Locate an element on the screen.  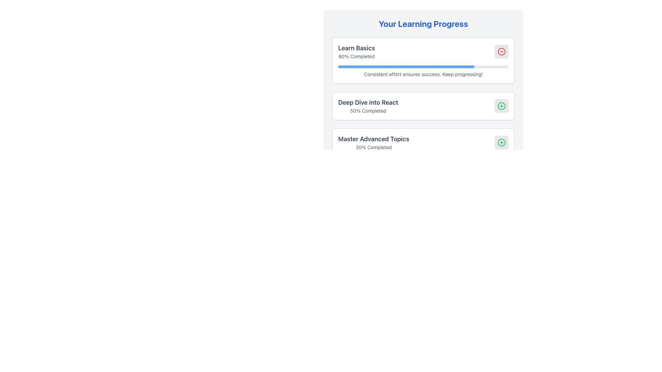
the circular button with a gray background and a green plus symbol, located at the far right of the 'Master Advanced Topics' row is located at coordinates (501, 142).